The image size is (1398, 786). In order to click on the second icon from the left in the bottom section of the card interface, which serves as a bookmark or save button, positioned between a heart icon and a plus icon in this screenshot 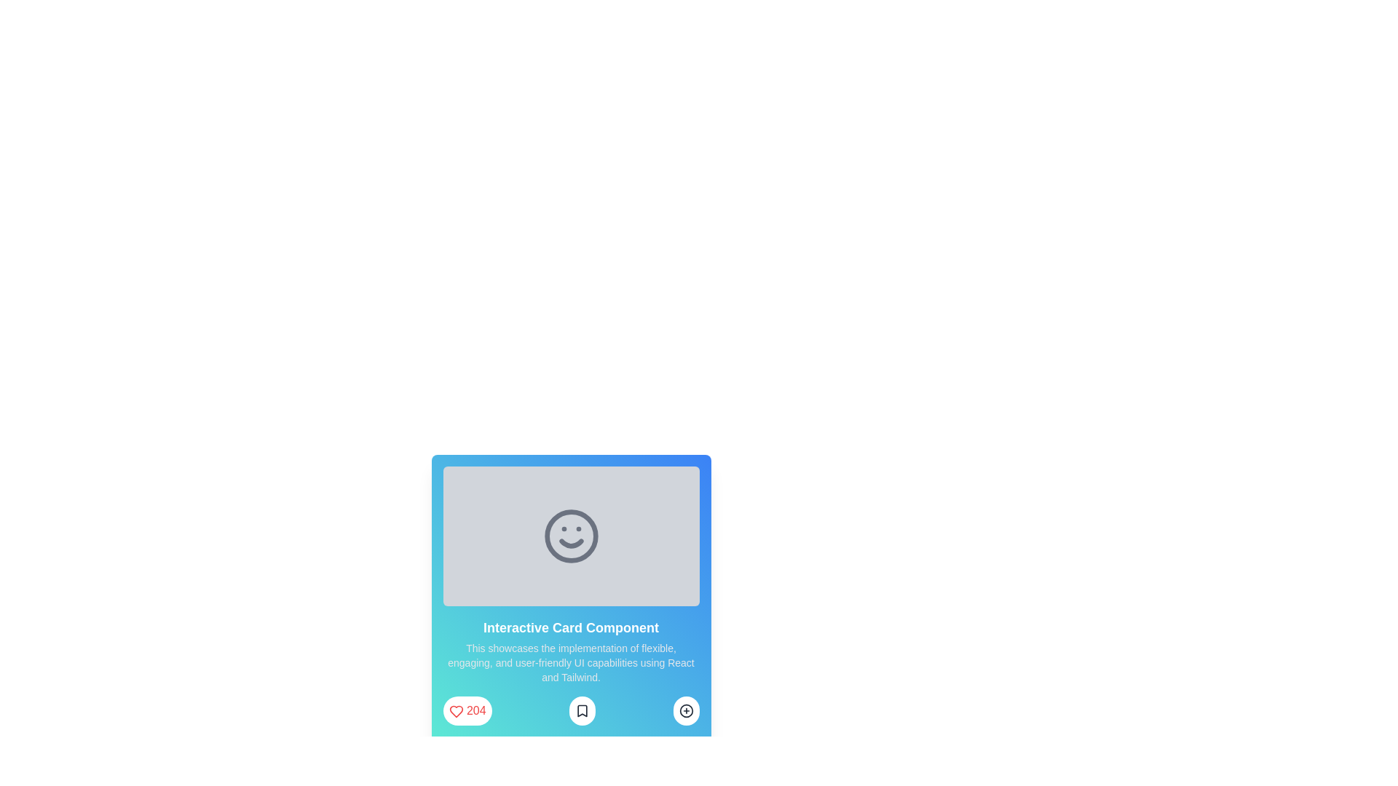, I will do `click(582, 710)`.